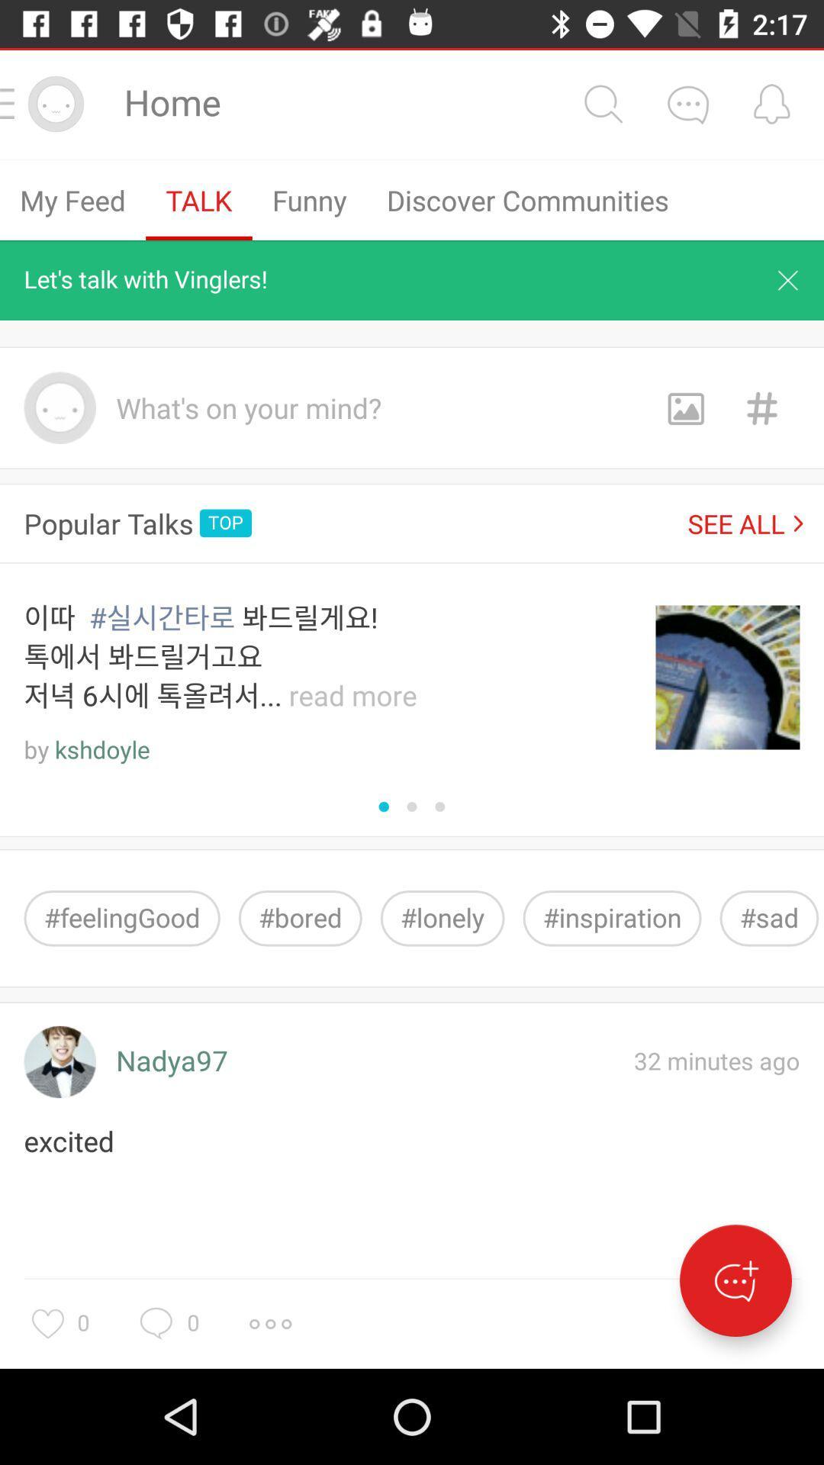  I want to click on the item next to #inspiration icon, so click(769, 917).